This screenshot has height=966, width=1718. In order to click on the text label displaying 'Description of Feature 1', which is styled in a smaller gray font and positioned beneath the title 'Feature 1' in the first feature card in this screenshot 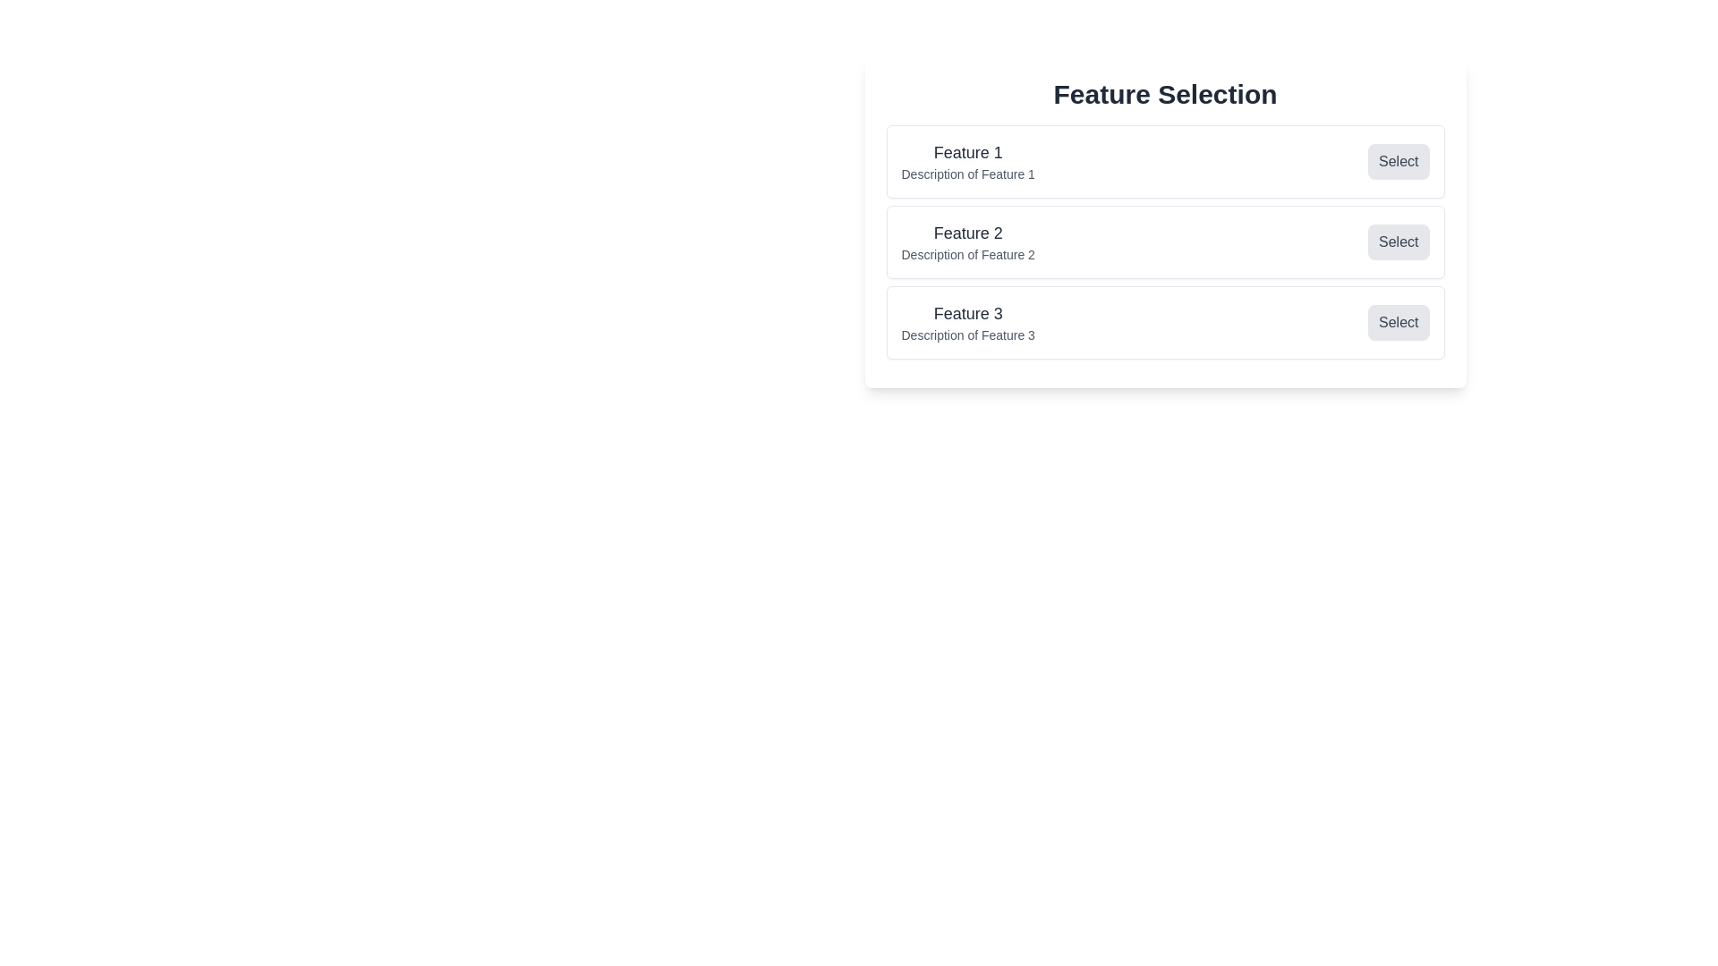, I will do `click(967, 174)`.